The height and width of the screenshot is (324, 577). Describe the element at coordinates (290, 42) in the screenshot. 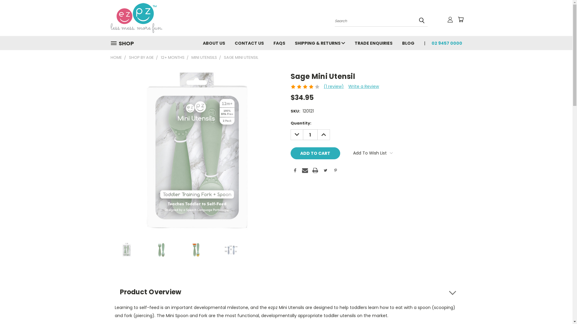

I see `'SHIPPING & RETURNS'` at that location.